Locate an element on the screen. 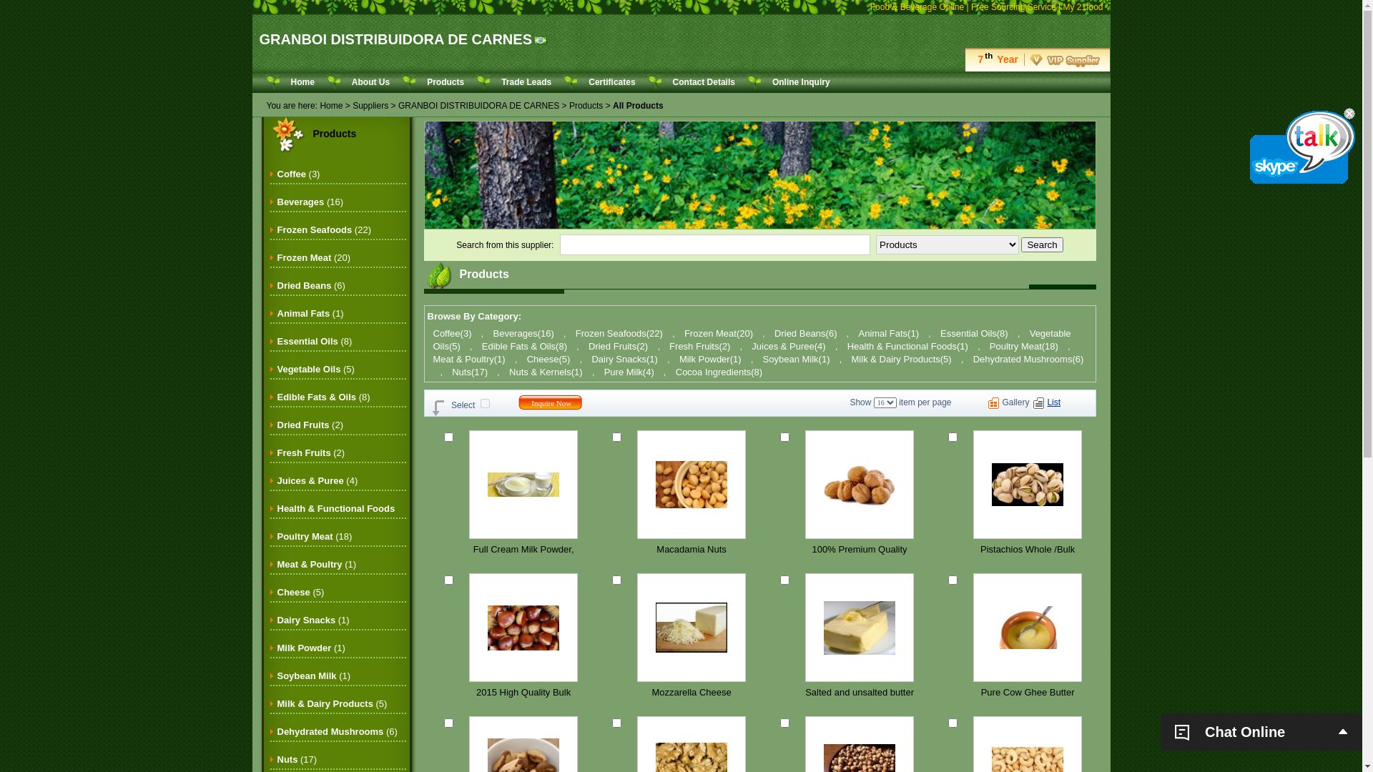 The image size is (1373, 772). 'Soybean Milk (1)' is located at coordinates (313, 675).